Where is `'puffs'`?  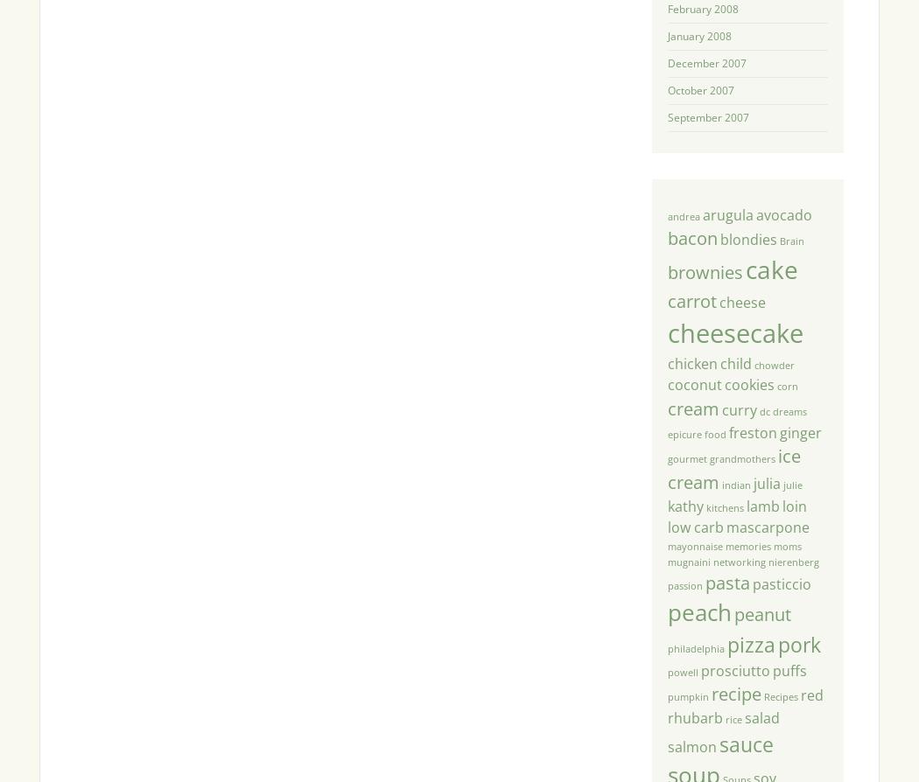
'puffs' is located at coordinates (789, 668).